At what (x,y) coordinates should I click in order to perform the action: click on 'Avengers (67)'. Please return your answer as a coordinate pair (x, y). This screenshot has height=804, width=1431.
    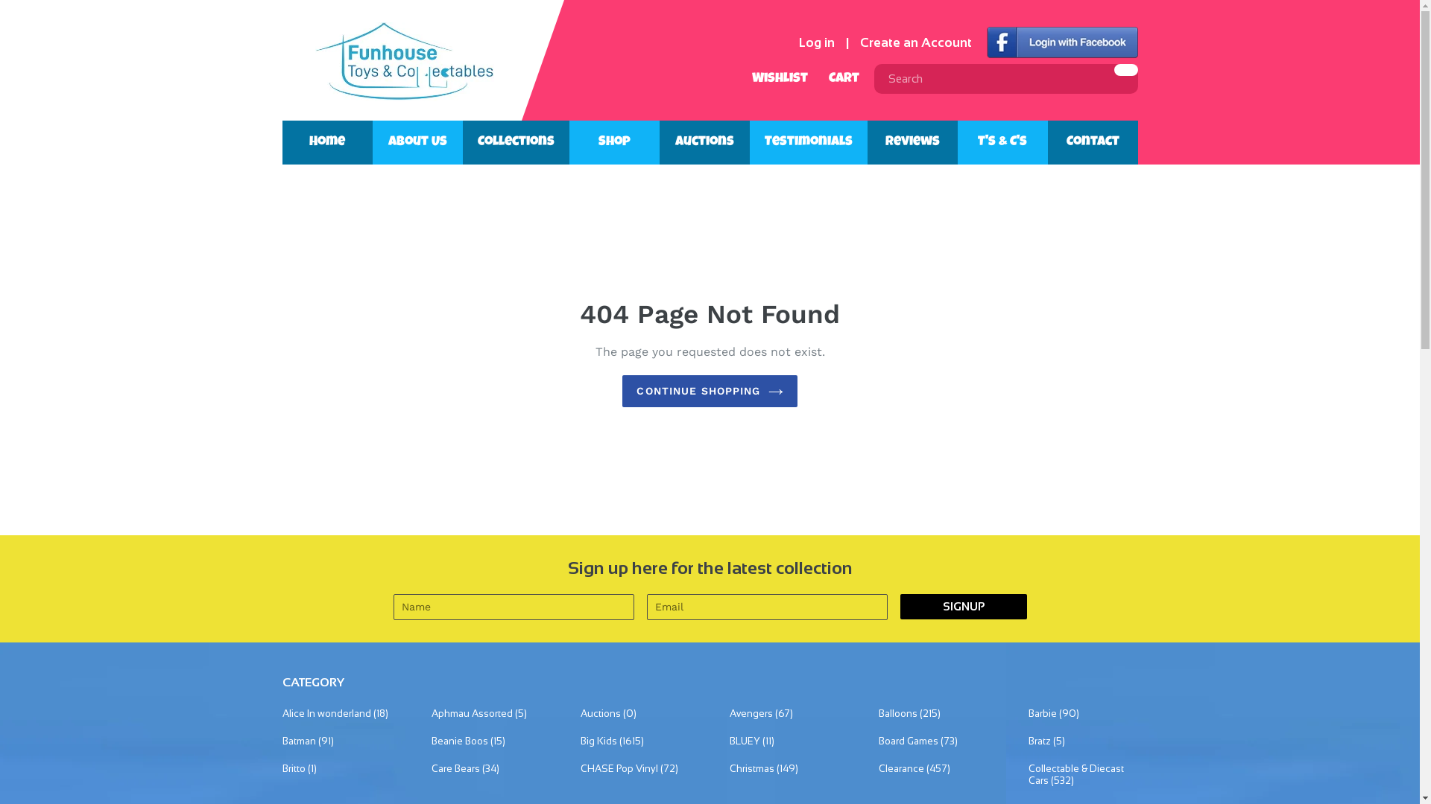
    Looking at the image, I should click on (783, 713).